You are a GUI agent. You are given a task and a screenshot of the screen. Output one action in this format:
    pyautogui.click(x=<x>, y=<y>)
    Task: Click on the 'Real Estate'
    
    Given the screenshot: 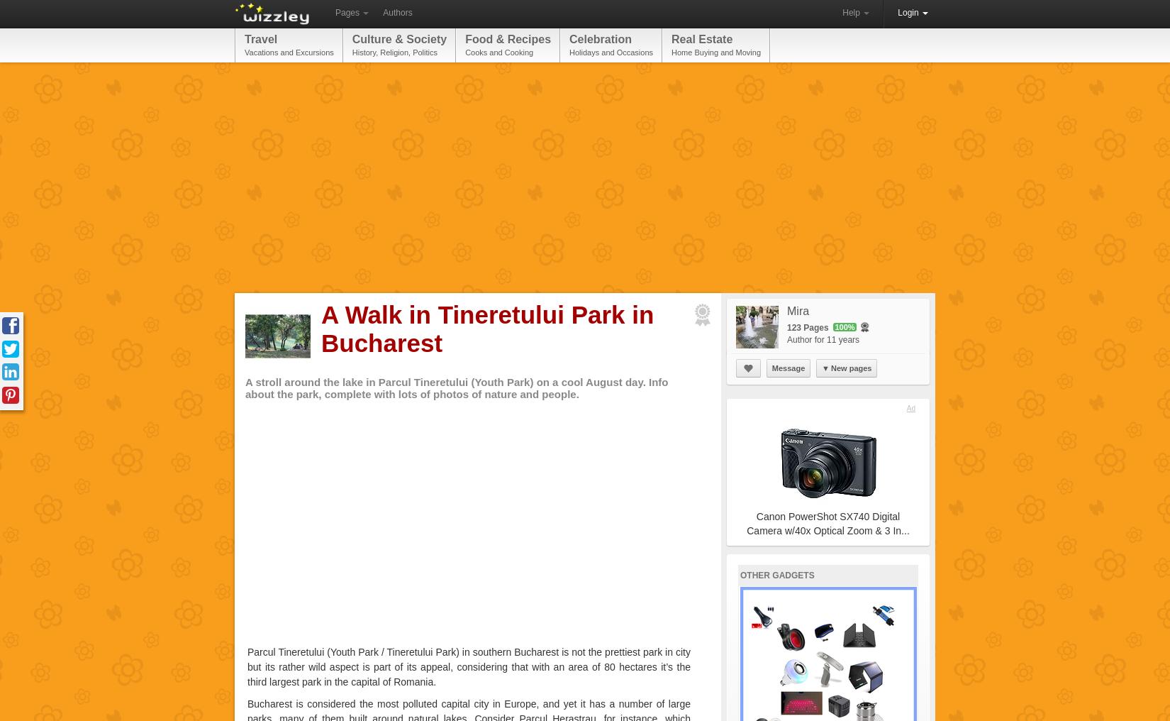 What is the action you would take?
    pyautogui.click(x=702, y=38)
    